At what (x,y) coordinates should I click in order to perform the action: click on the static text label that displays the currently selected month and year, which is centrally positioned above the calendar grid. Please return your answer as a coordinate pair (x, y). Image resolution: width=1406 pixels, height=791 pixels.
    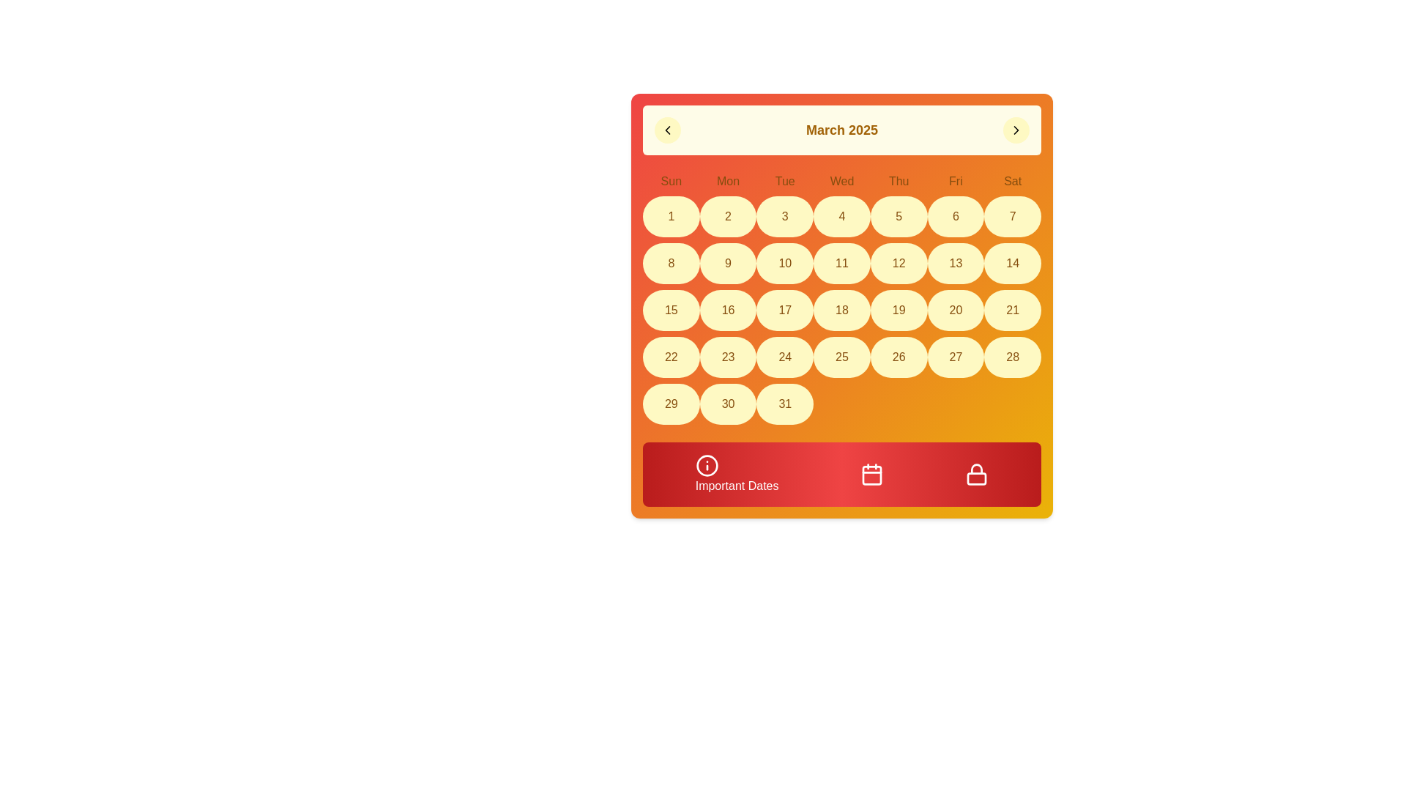
    Looking at the image, I should click on (842, 129).